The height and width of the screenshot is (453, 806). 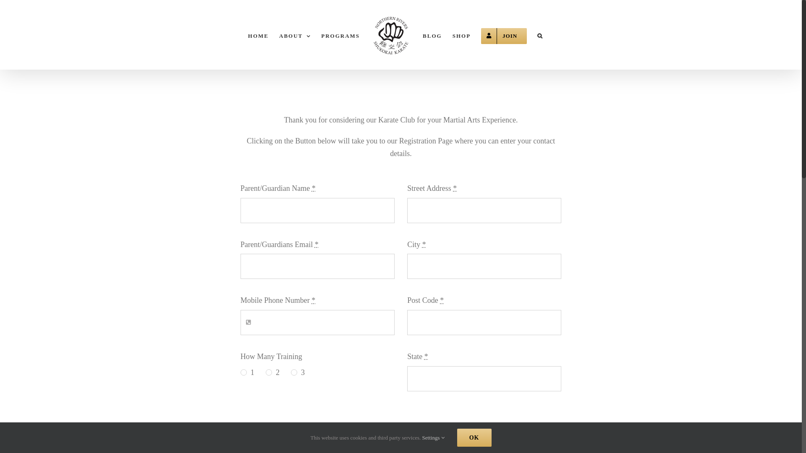 I want to click on 'HOME', so click(x=258, y=34).